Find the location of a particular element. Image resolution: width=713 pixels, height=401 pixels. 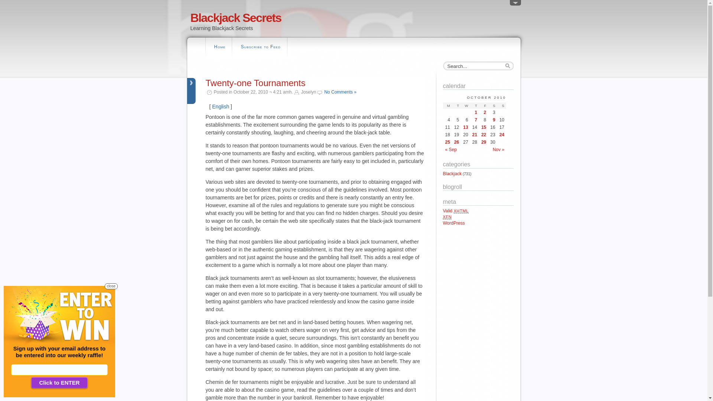

'21' is located at coordinates (474, 134).